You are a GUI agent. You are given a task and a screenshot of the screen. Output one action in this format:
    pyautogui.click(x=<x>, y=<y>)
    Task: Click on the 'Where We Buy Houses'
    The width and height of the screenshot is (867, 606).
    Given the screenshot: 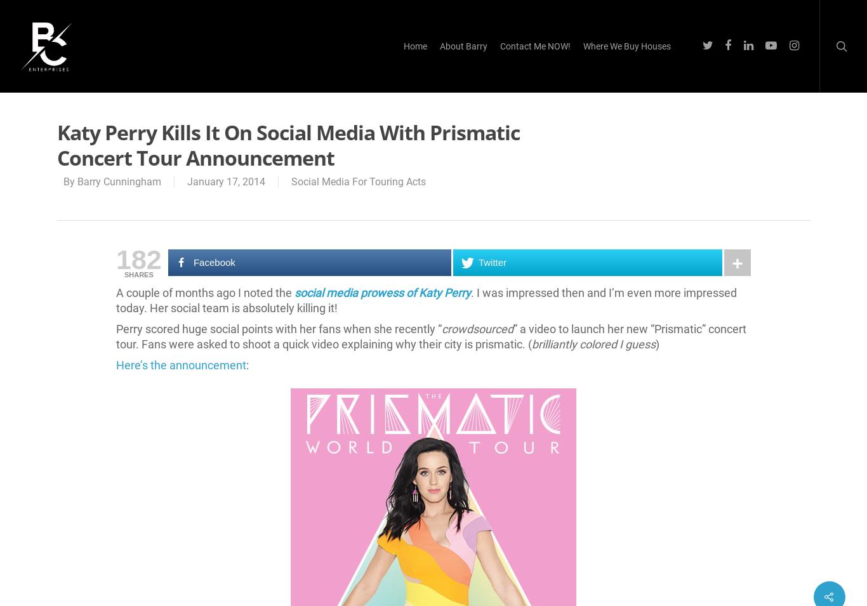 What is the action you would take?
    pyautogui.click(x=627, y=45)
    